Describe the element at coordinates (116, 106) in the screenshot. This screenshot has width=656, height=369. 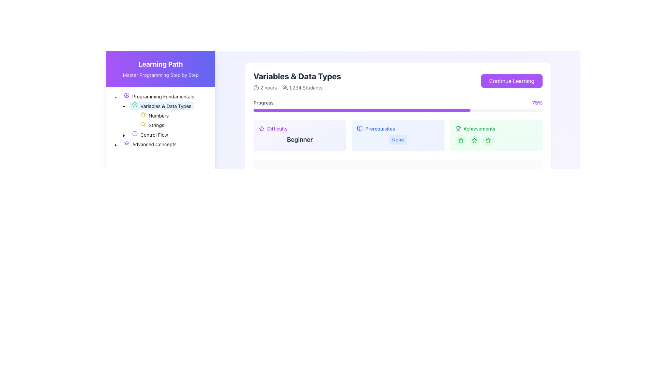
I see `the Indentation placeholder located adjacent to the 'Variables & Data Types' item in the 'Programming Fundamentals' section of the hierarchical tree menu` at that location.